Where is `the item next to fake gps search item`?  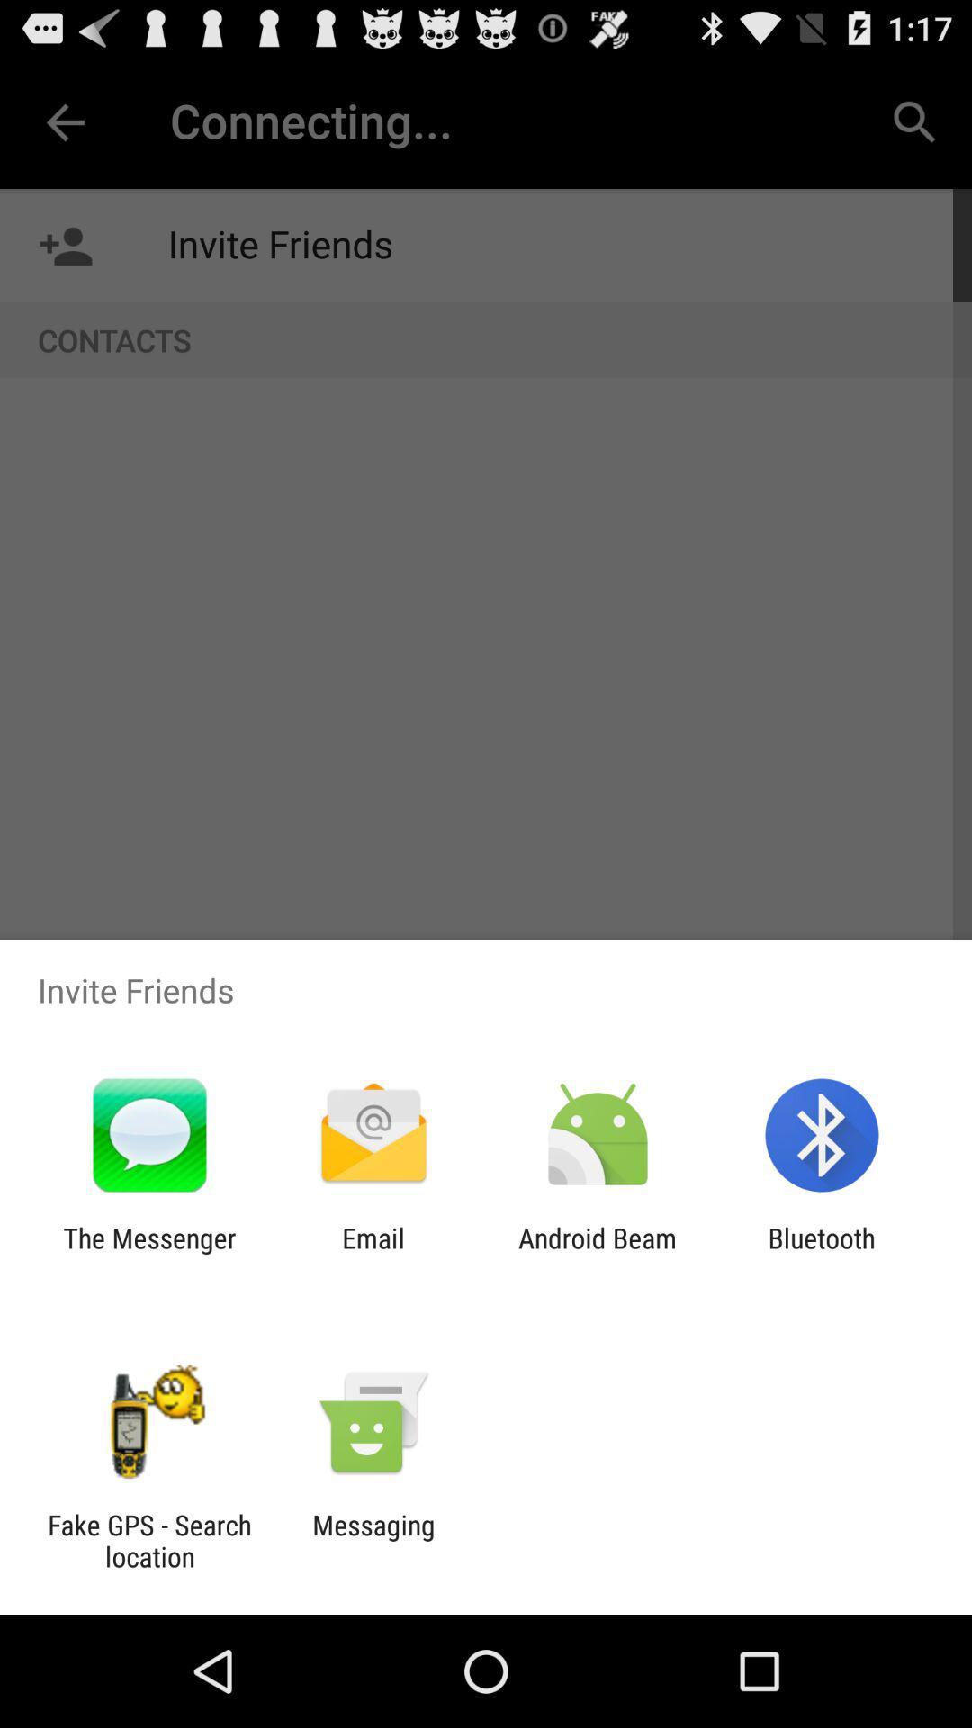 the item next to fake gps search item is located at coordinates (373, 1540).